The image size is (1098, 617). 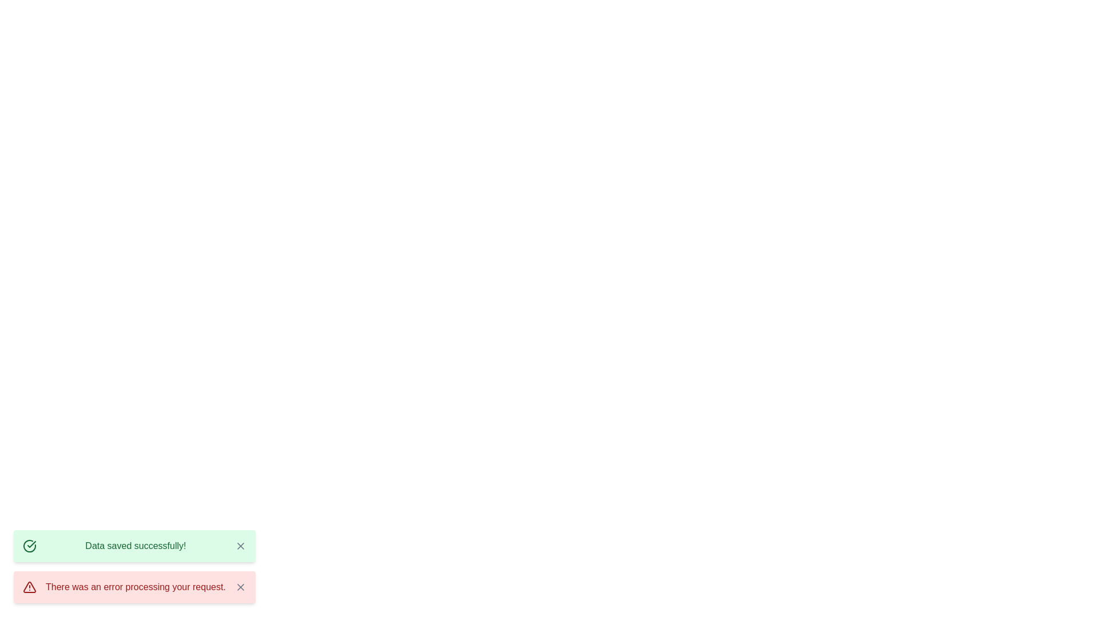 I want to click on the close button of the notification with message 'Data saved successfully!', so click(x=240, y=546).